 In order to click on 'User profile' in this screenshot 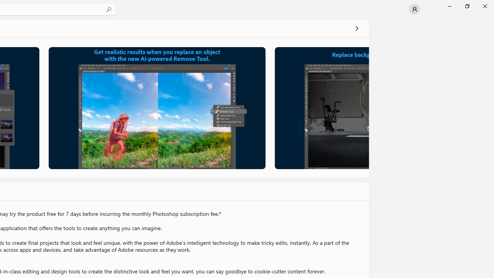, I will do `click(414, 9)`.